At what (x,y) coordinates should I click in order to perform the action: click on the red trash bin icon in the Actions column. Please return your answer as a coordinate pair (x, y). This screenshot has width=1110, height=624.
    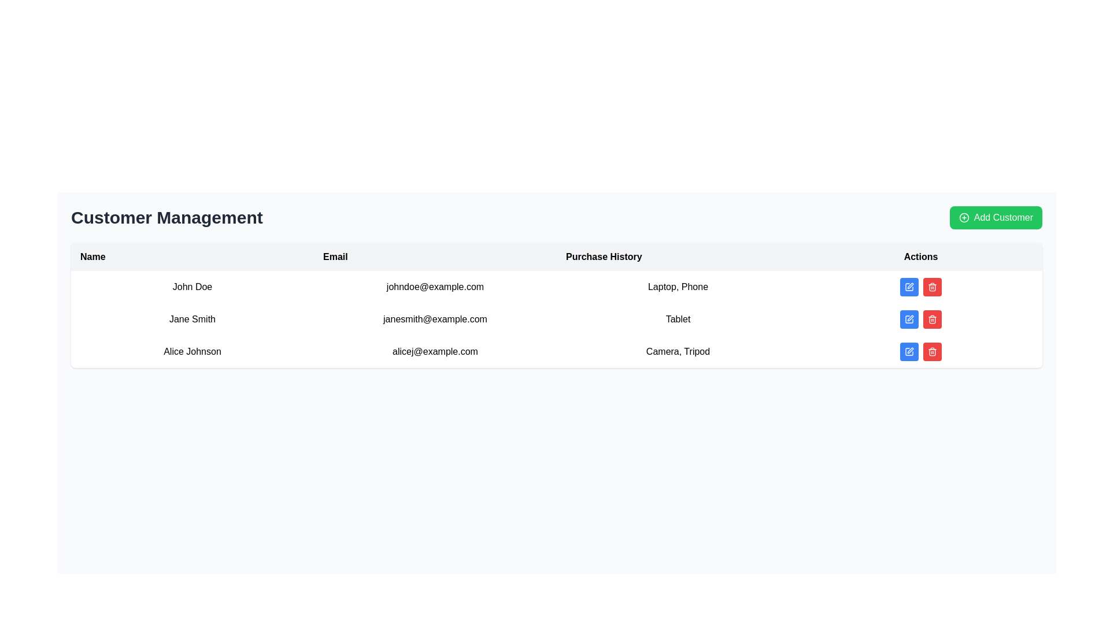
    Looking at the image, I should click on (932, 287).